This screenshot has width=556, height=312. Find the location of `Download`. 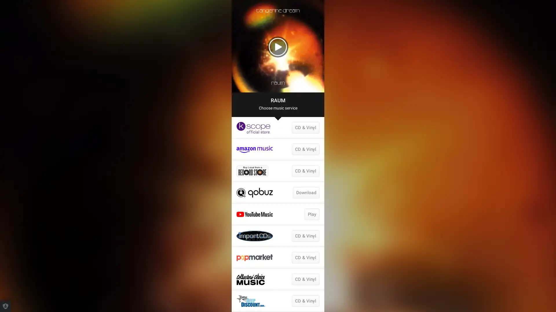

Download is located at coordinates (306, 193).